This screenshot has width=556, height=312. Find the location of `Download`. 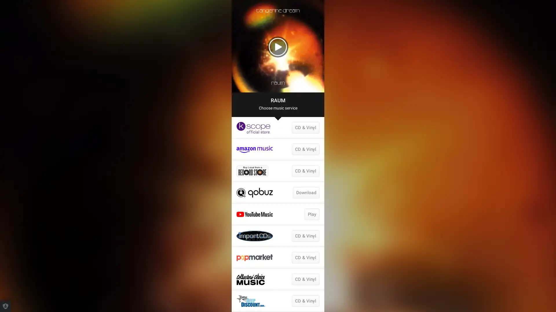

Download is located at coordinates (306, 193).